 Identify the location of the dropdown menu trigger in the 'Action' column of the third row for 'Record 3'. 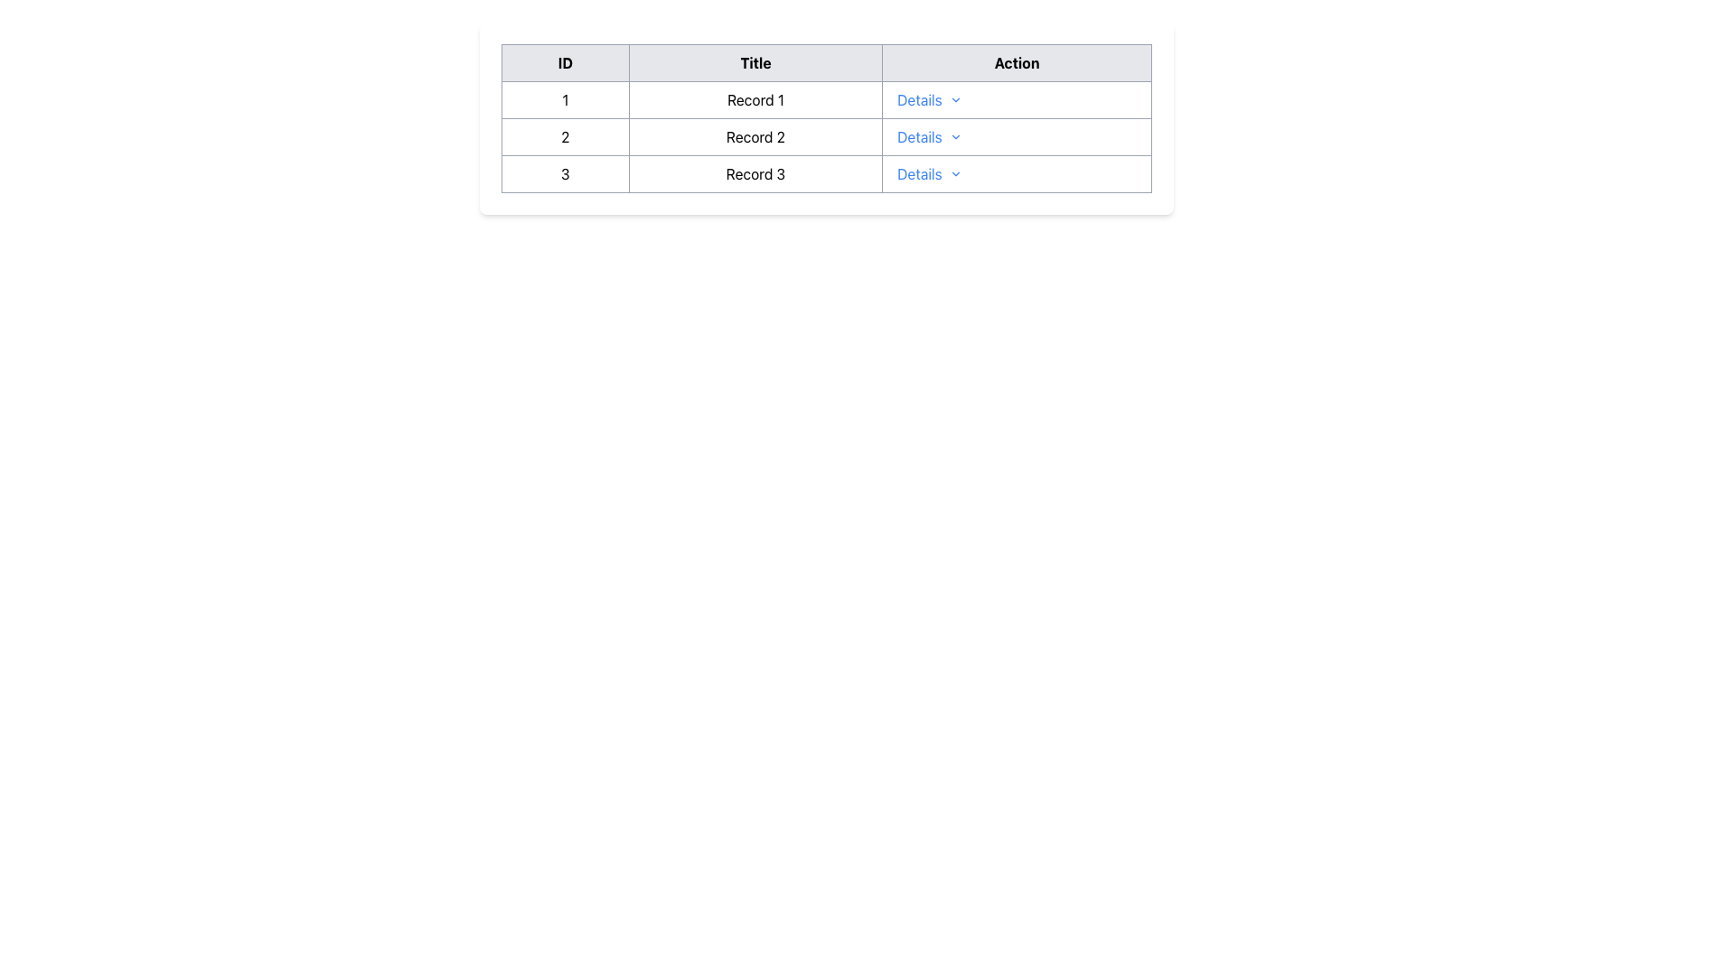
(1017, 173).